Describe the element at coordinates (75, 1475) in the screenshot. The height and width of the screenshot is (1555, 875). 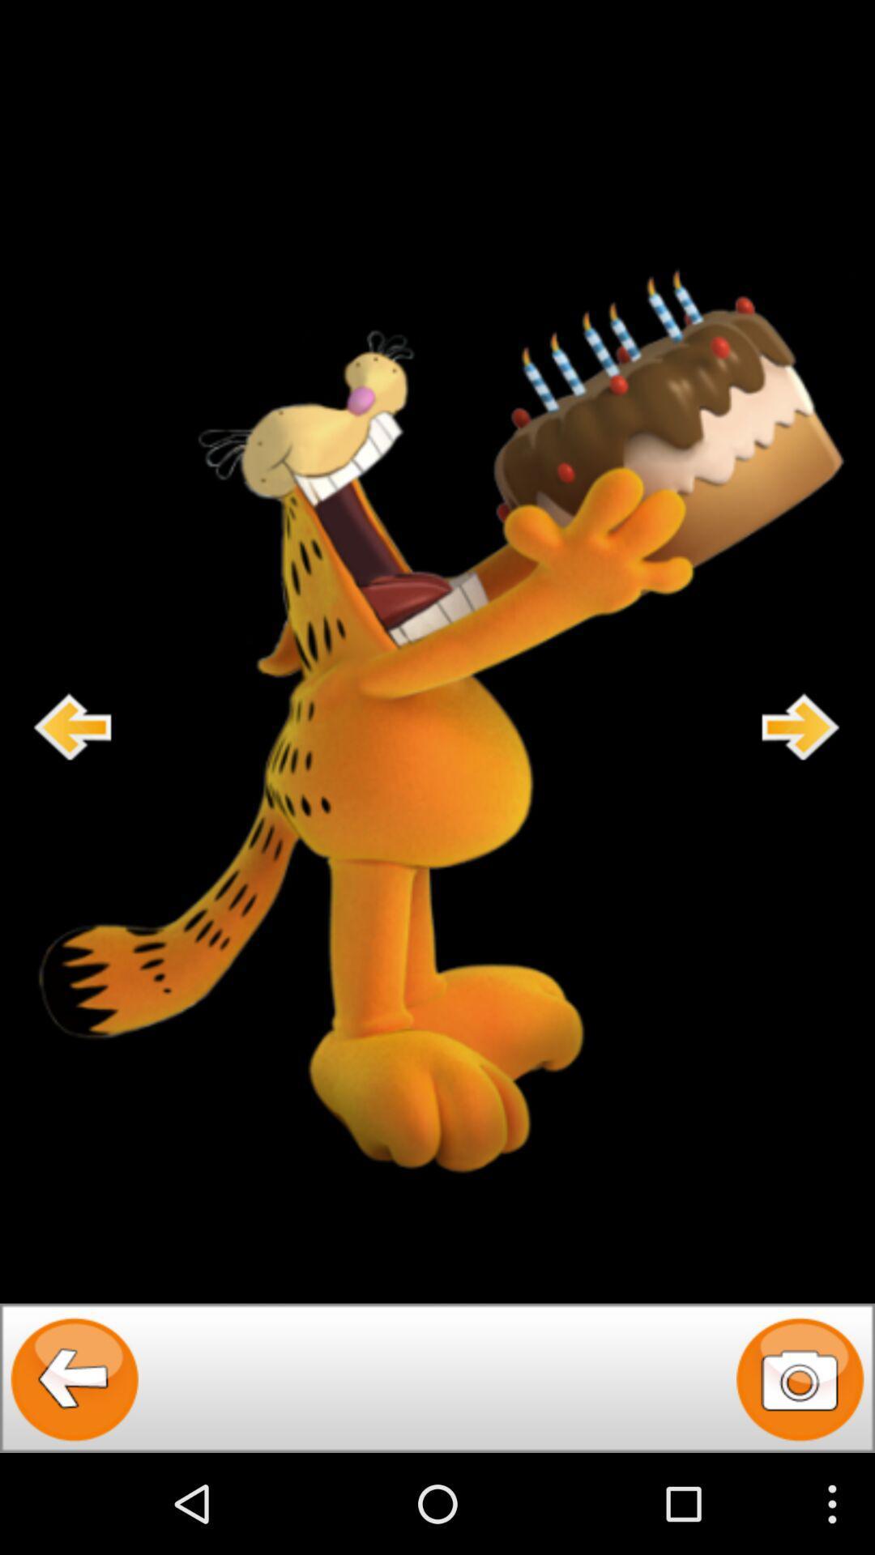
I see `the arrow_backward icon` at that location.